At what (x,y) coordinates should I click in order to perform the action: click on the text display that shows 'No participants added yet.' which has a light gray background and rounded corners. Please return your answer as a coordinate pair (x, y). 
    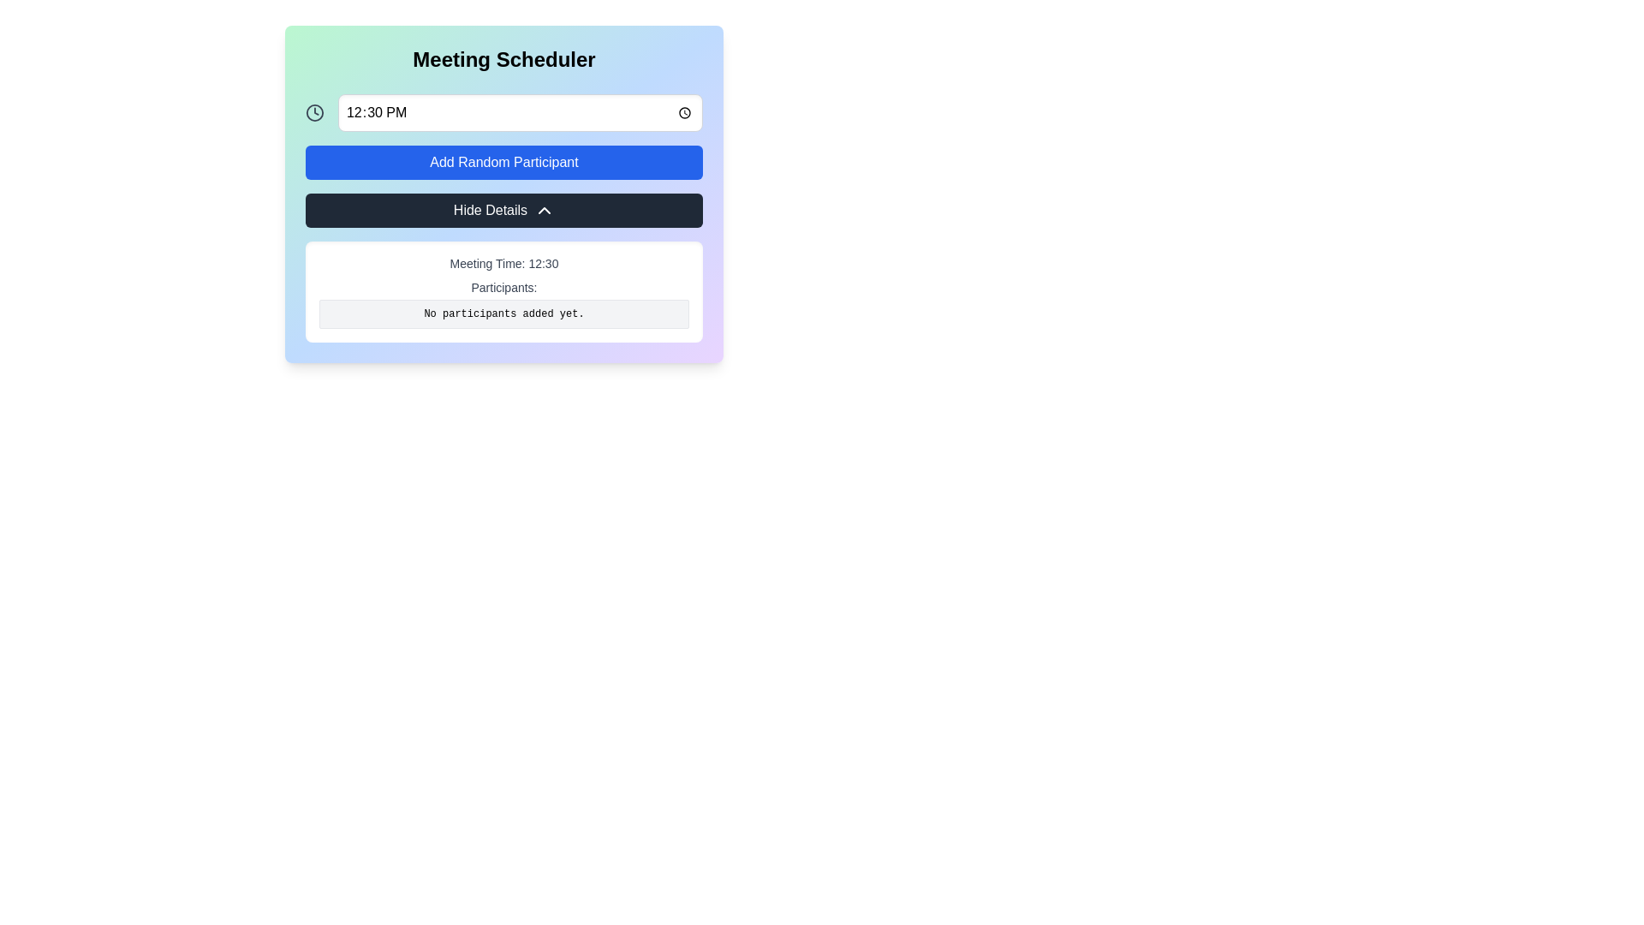
    Looking at the image, I should click on (503, 313).